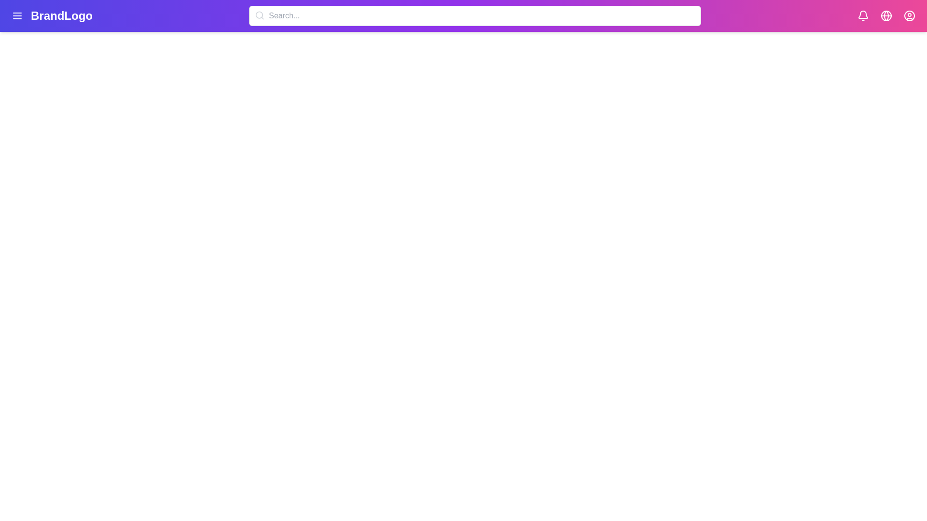  I want to click on the user profile icon represented by an SVG Circle located in the top-right section of the interface to trigger interactive effects, so click(909, 16).